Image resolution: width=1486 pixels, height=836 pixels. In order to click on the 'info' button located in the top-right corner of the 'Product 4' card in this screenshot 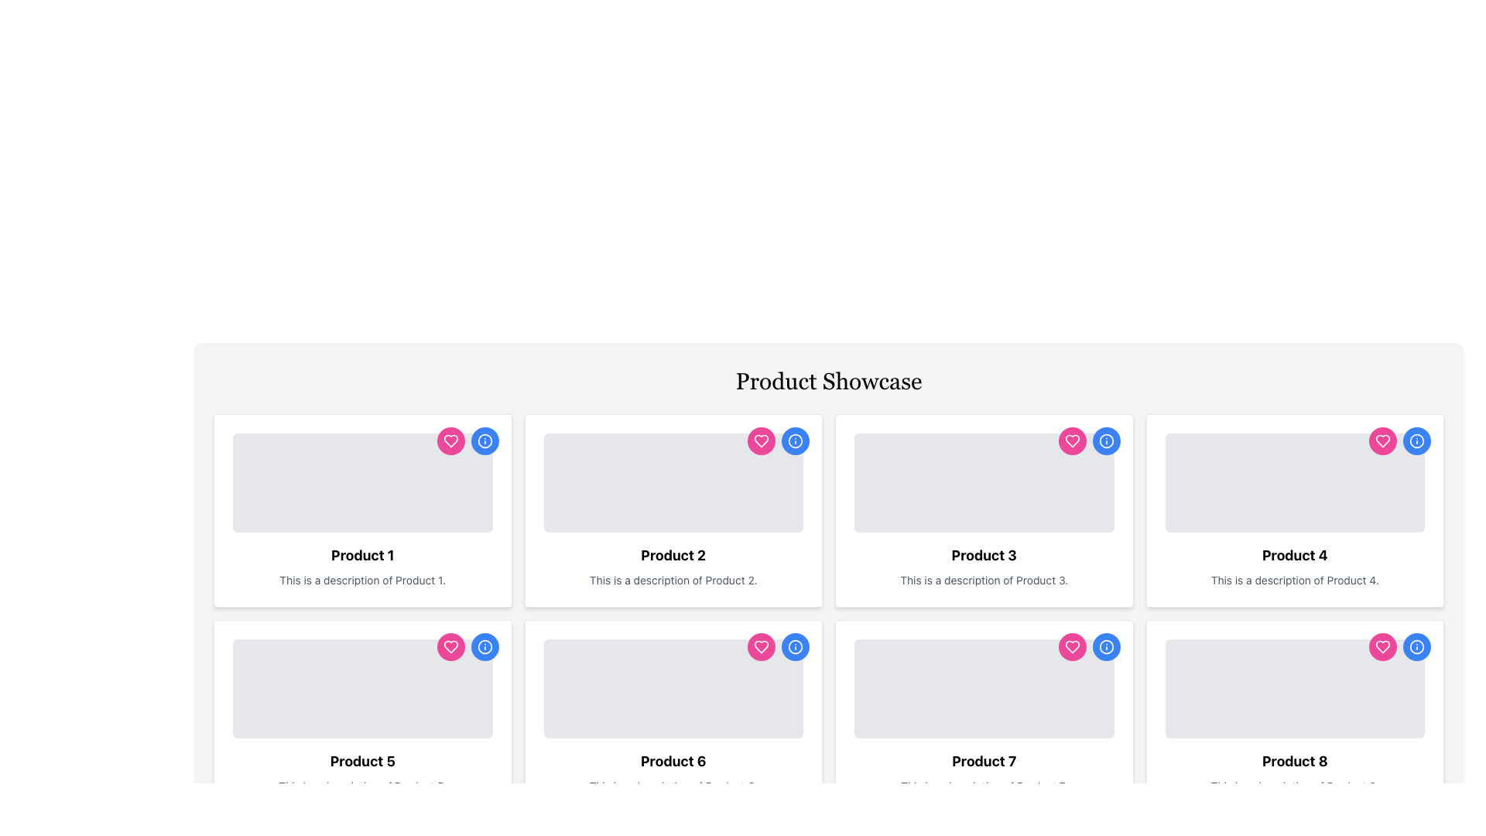, I will do `click(1416, 441)`.